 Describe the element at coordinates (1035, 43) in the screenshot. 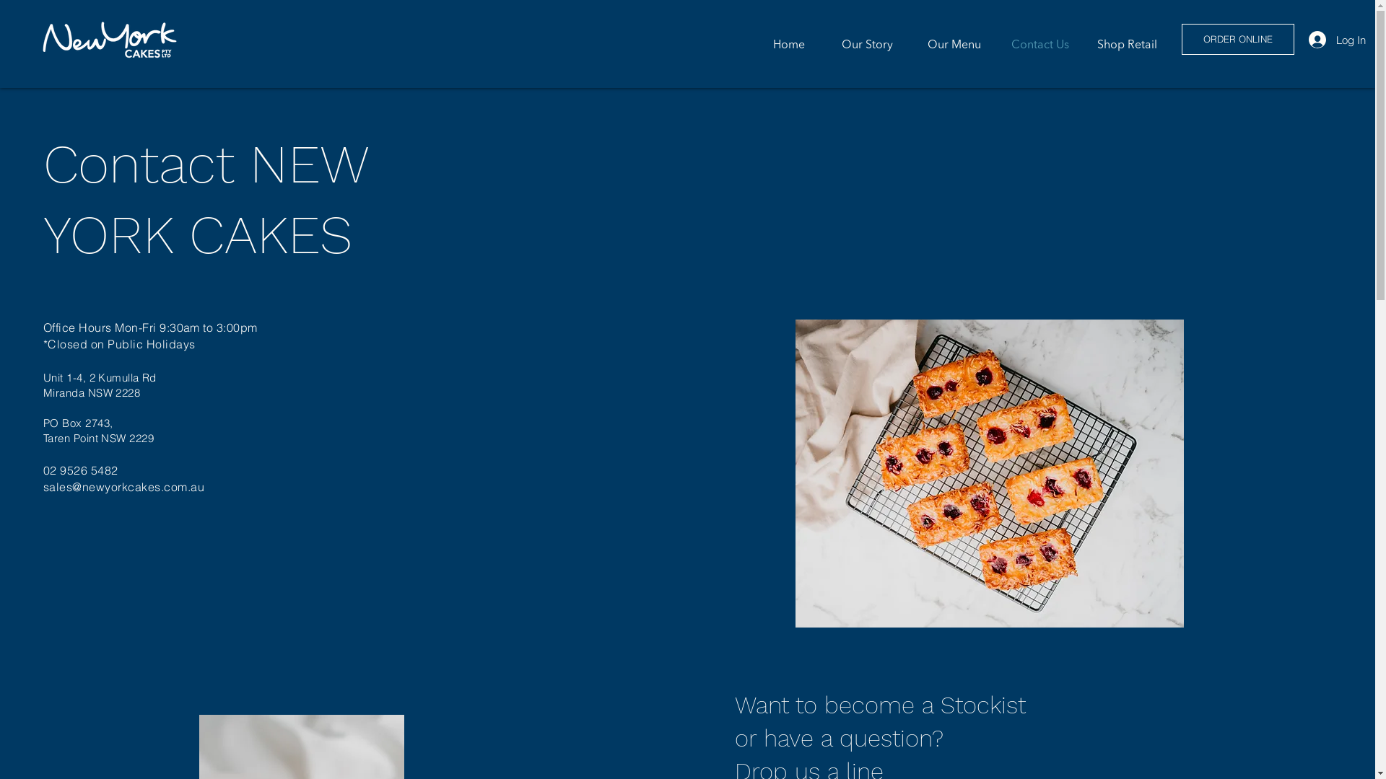

I see `'Contact Us'` at that location.